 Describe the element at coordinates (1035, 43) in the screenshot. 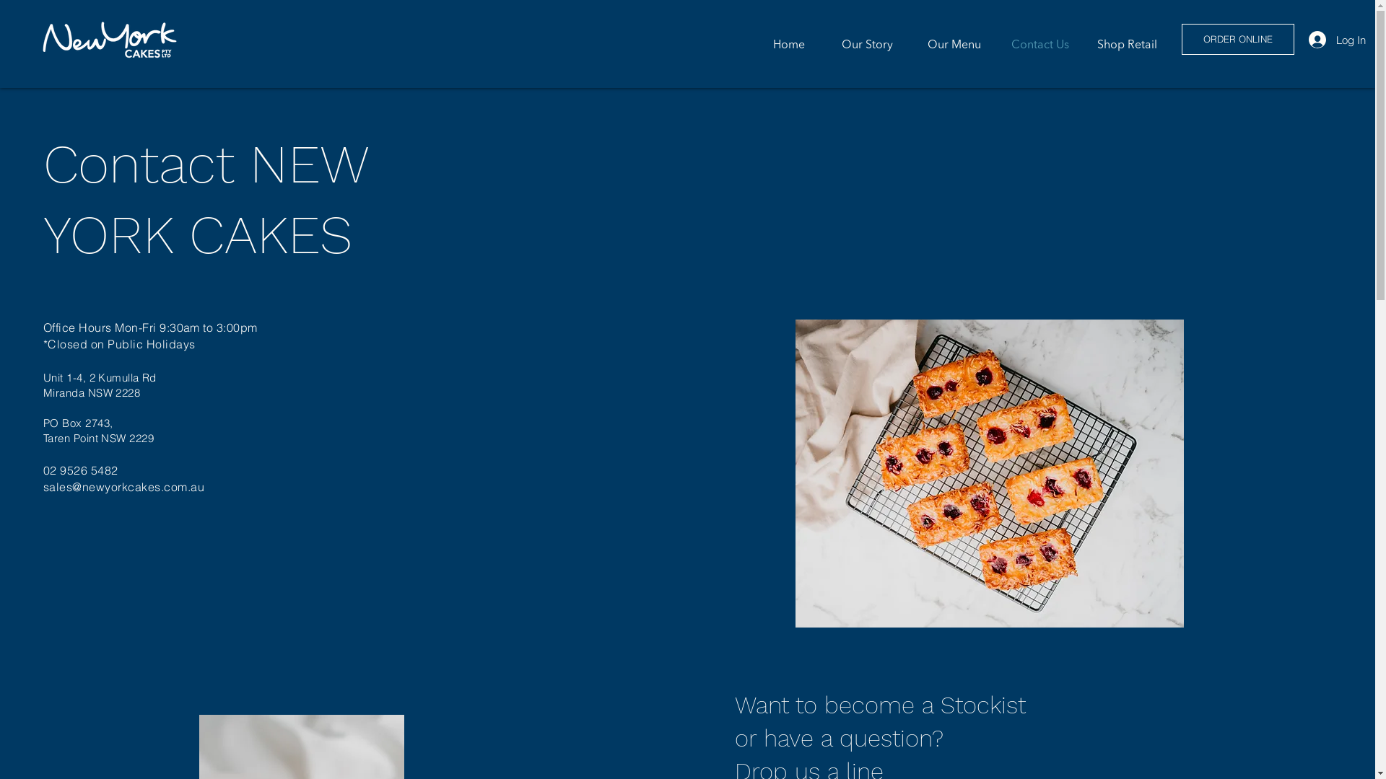

I see `'Contact Us'` at that location.